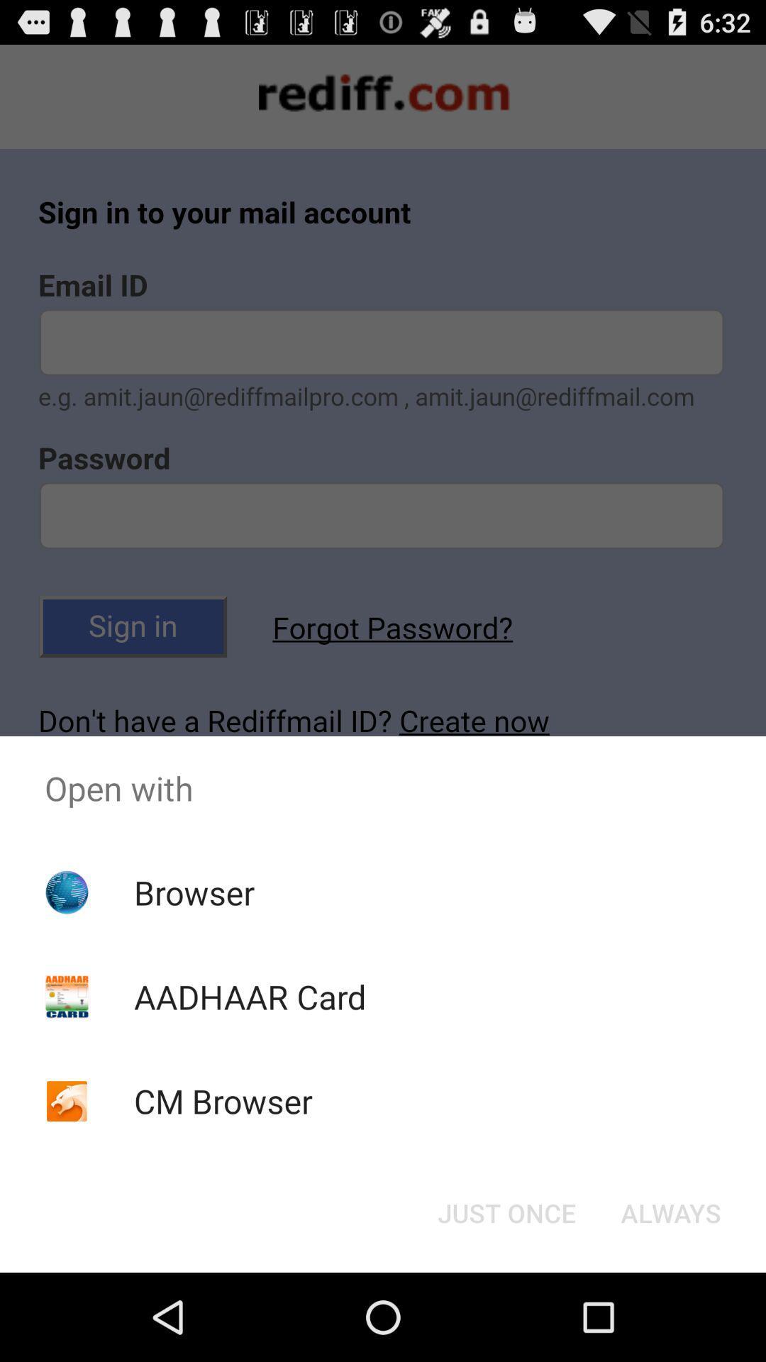 The image size is (766, 1362). I want to click on the app above cm browser, so click(249, 996).